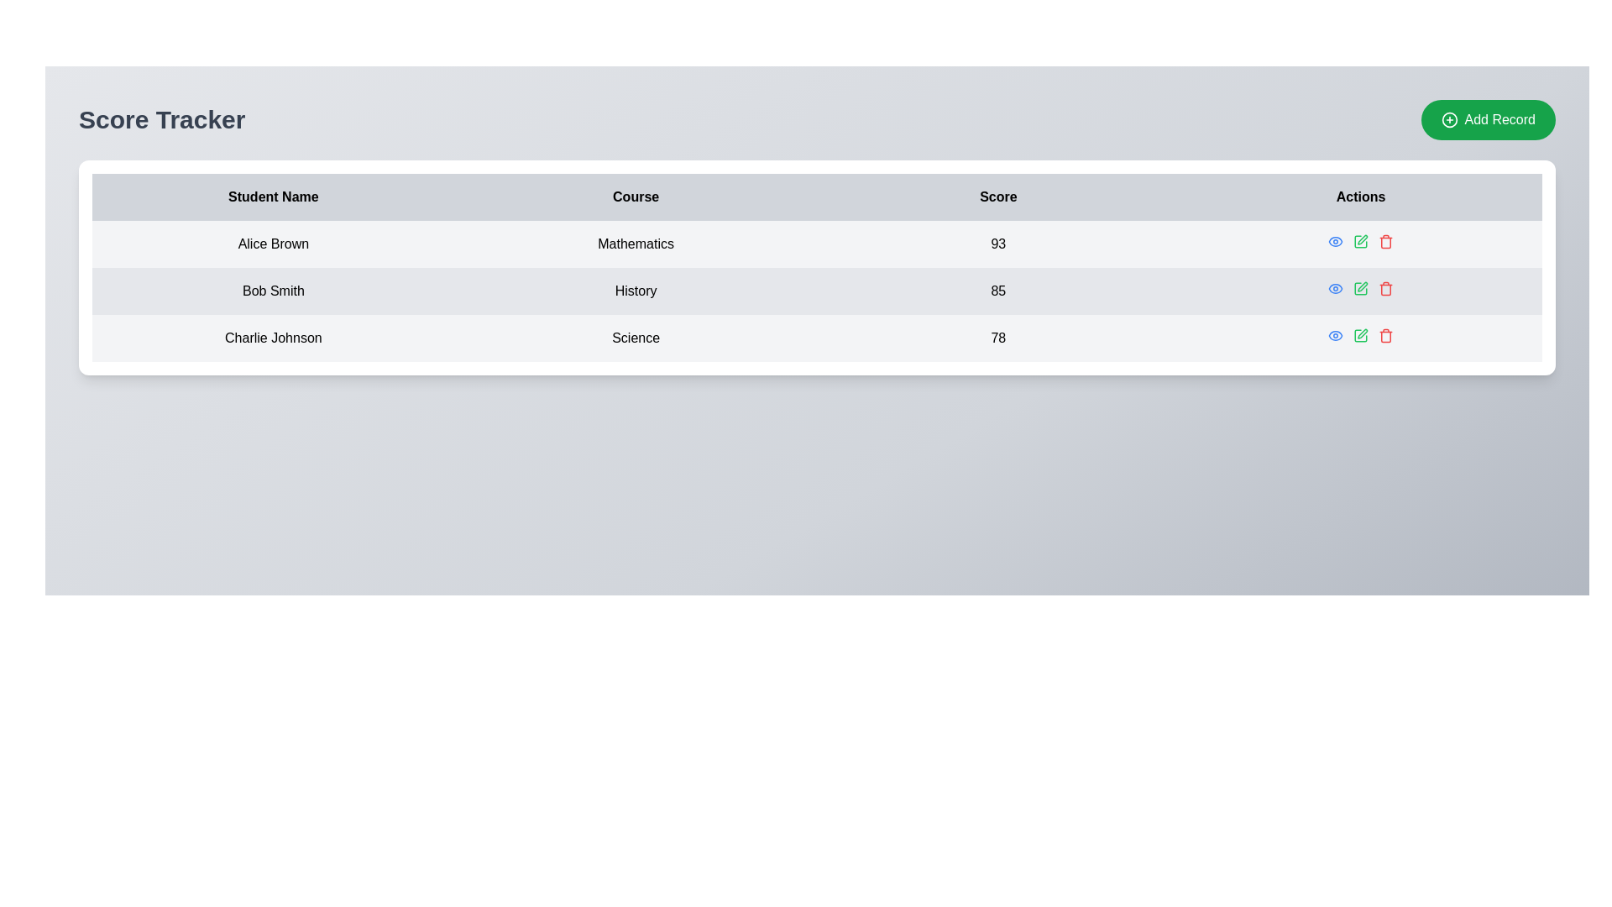 The height and width of the screenshot is (907, 1612). I want to click on the SVG Circle that forms part of the 'Add Record' button in the top-right corner of the interface, which features a plus sign inside a thin circular outline, so click(1448, 118).